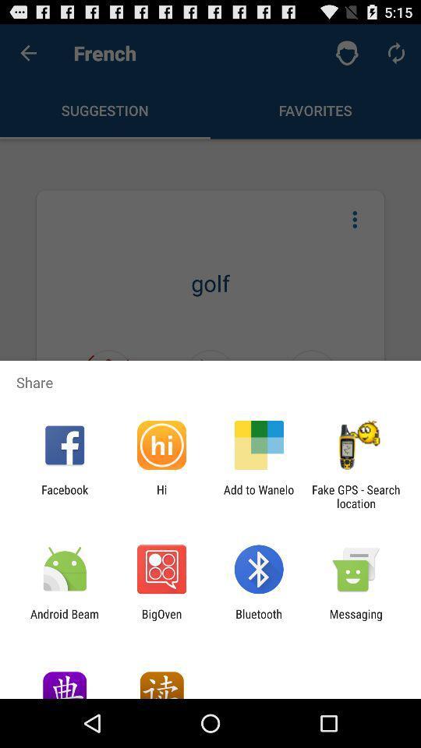 The height and width of the screenshot is (748, 421). What do you see at coordinates (161, 620) in the screenshot?
I see `icon to the right of android beam item` at bounding box center [161, 620].